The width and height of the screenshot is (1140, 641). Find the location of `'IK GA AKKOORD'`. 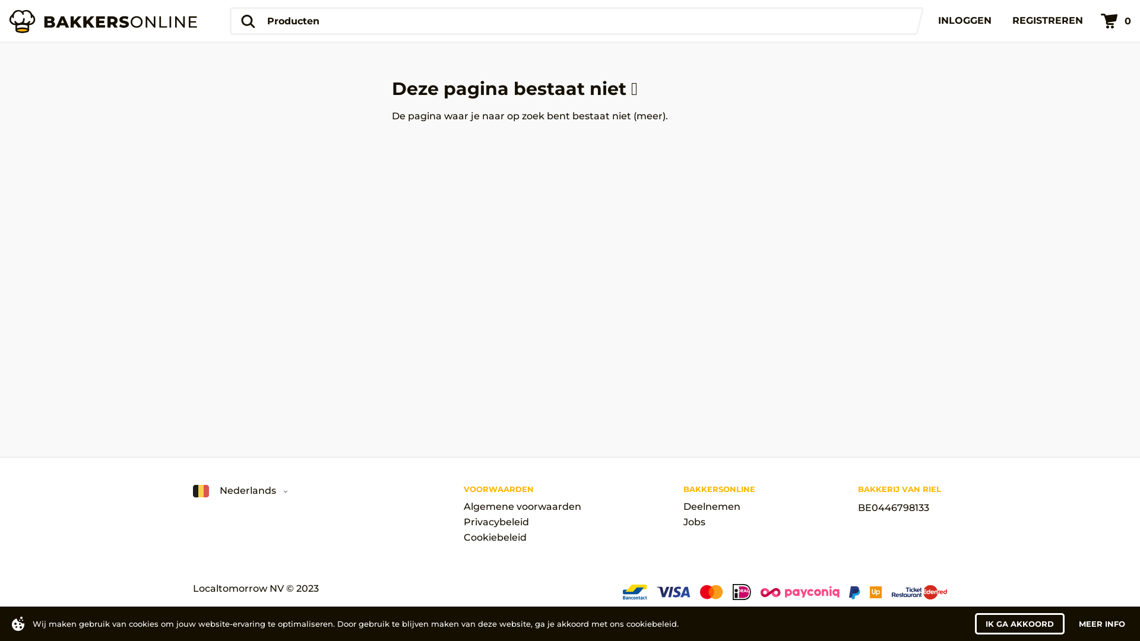

'IK GA AKKOORD' is located at coordinates (1019, 623).